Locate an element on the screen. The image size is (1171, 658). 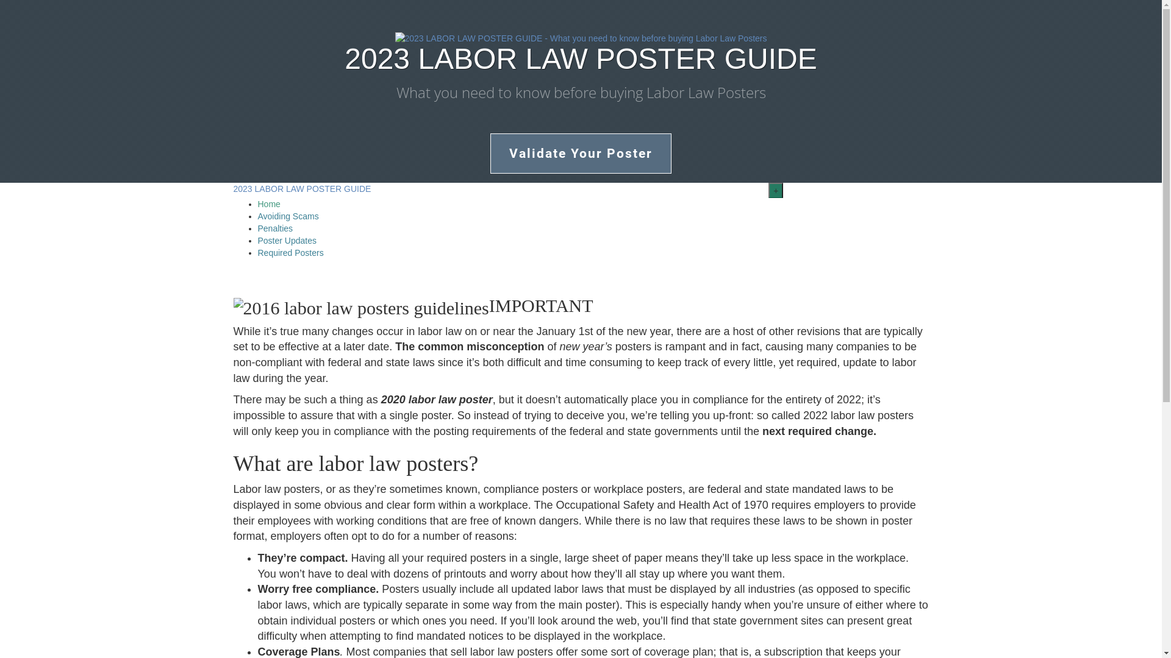
'Poster Updates' is located at coordinates (286, 240).